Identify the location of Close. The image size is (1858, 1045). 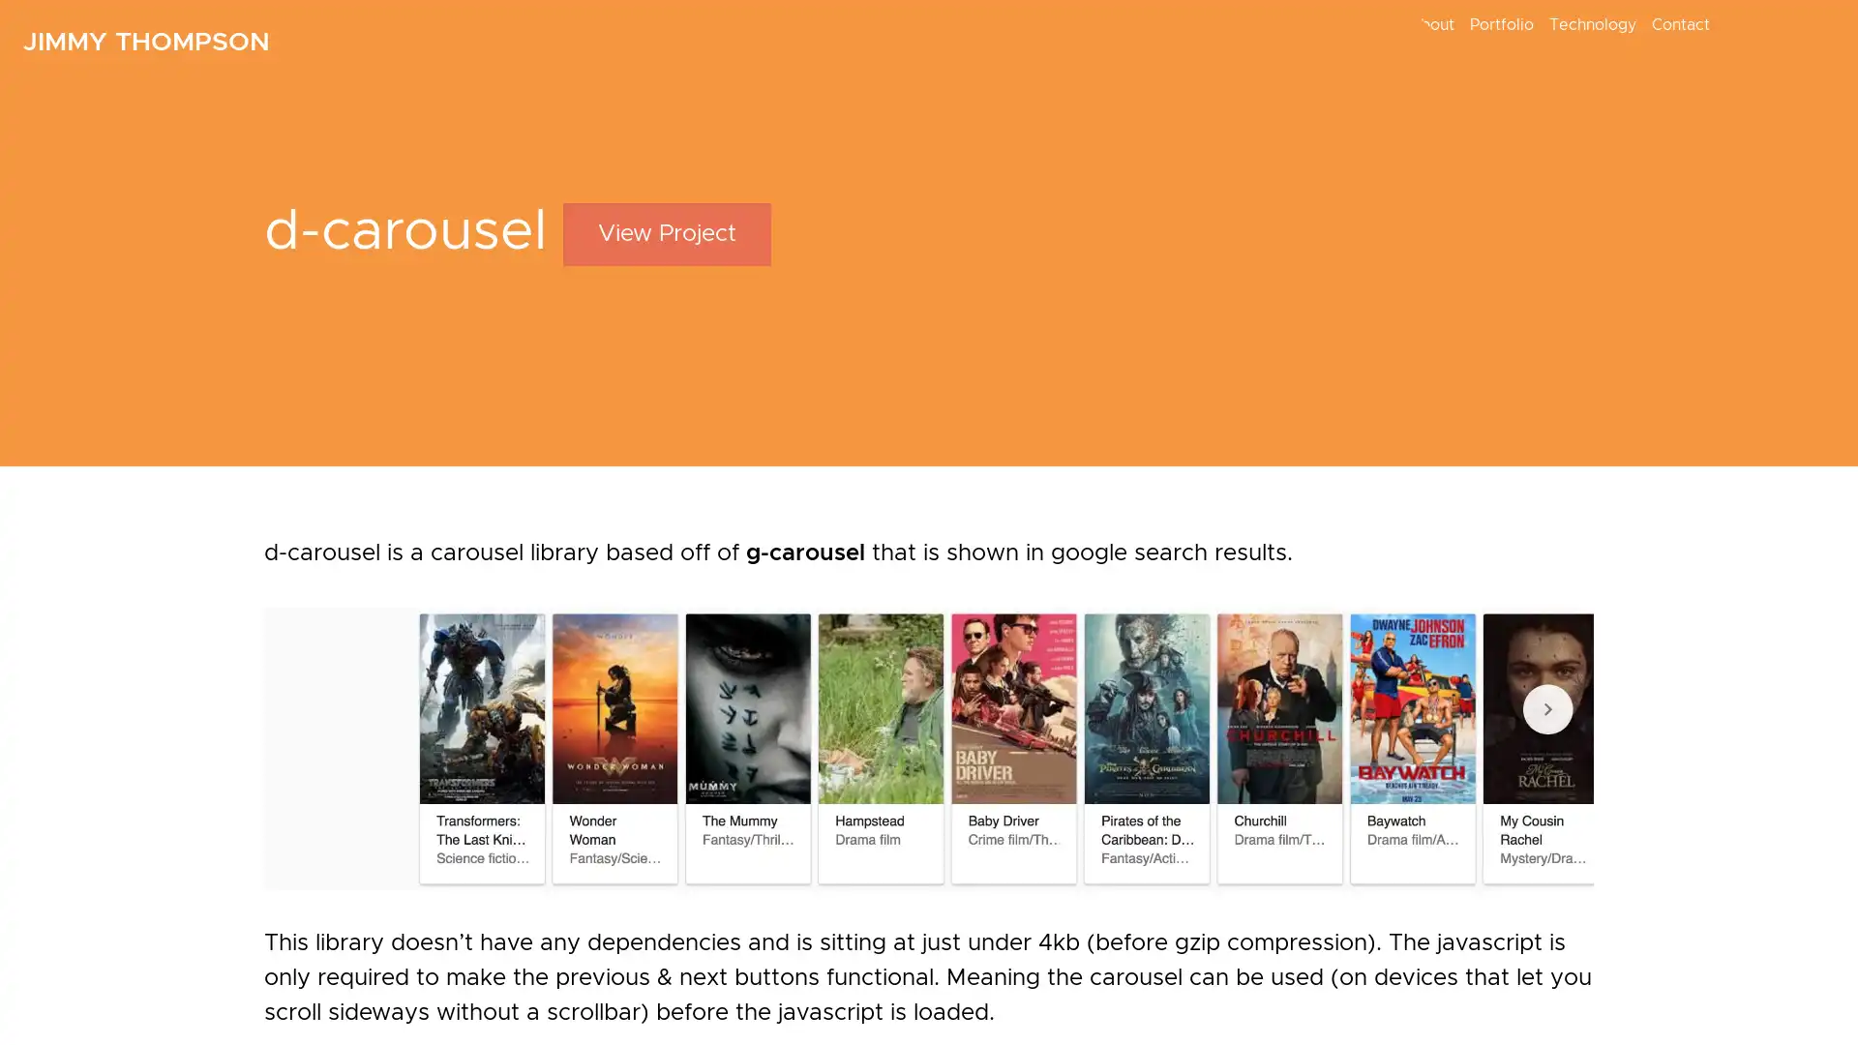
(1323, 492).